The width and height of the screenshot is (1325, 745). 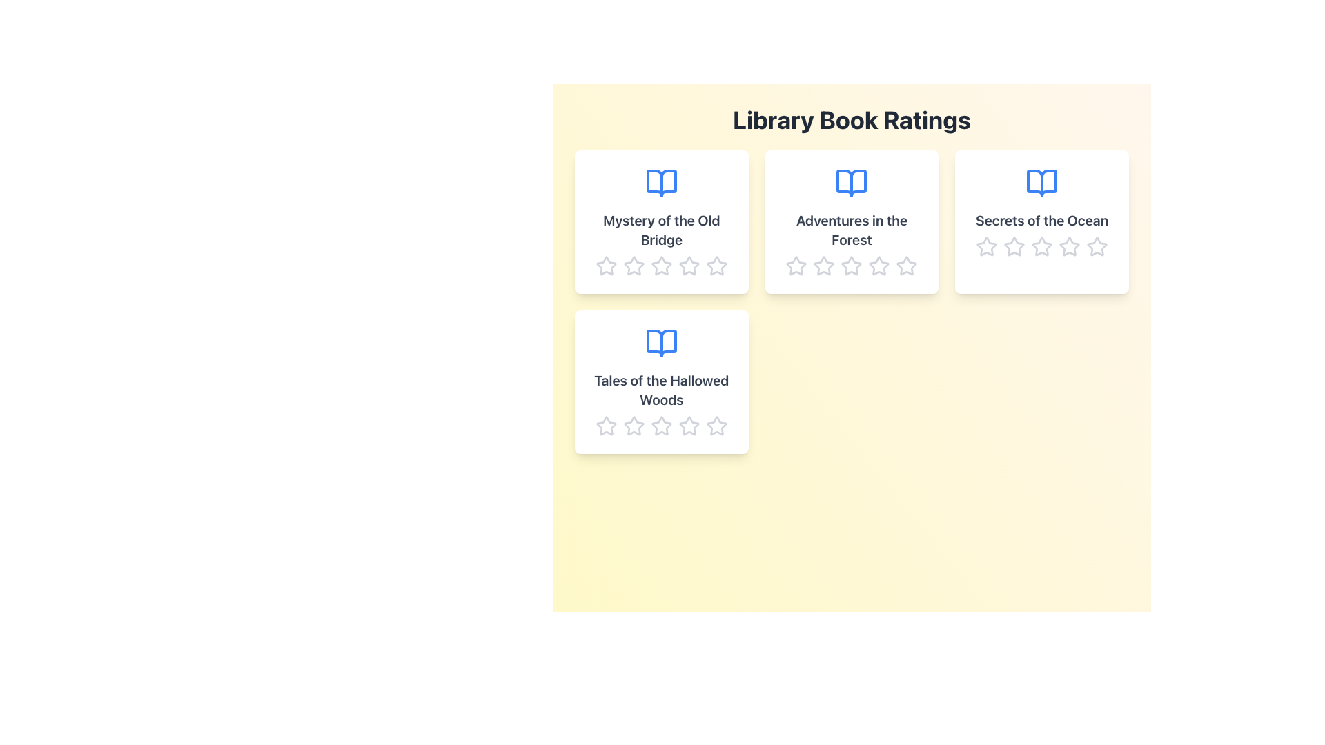 What do you see at coordinates (660, 230) in the screenshot?
I see `text label that serves as the title of the book in the top-left card of the grid, located below the book icon and above the star rating icons` at bounding box center [660, 230].